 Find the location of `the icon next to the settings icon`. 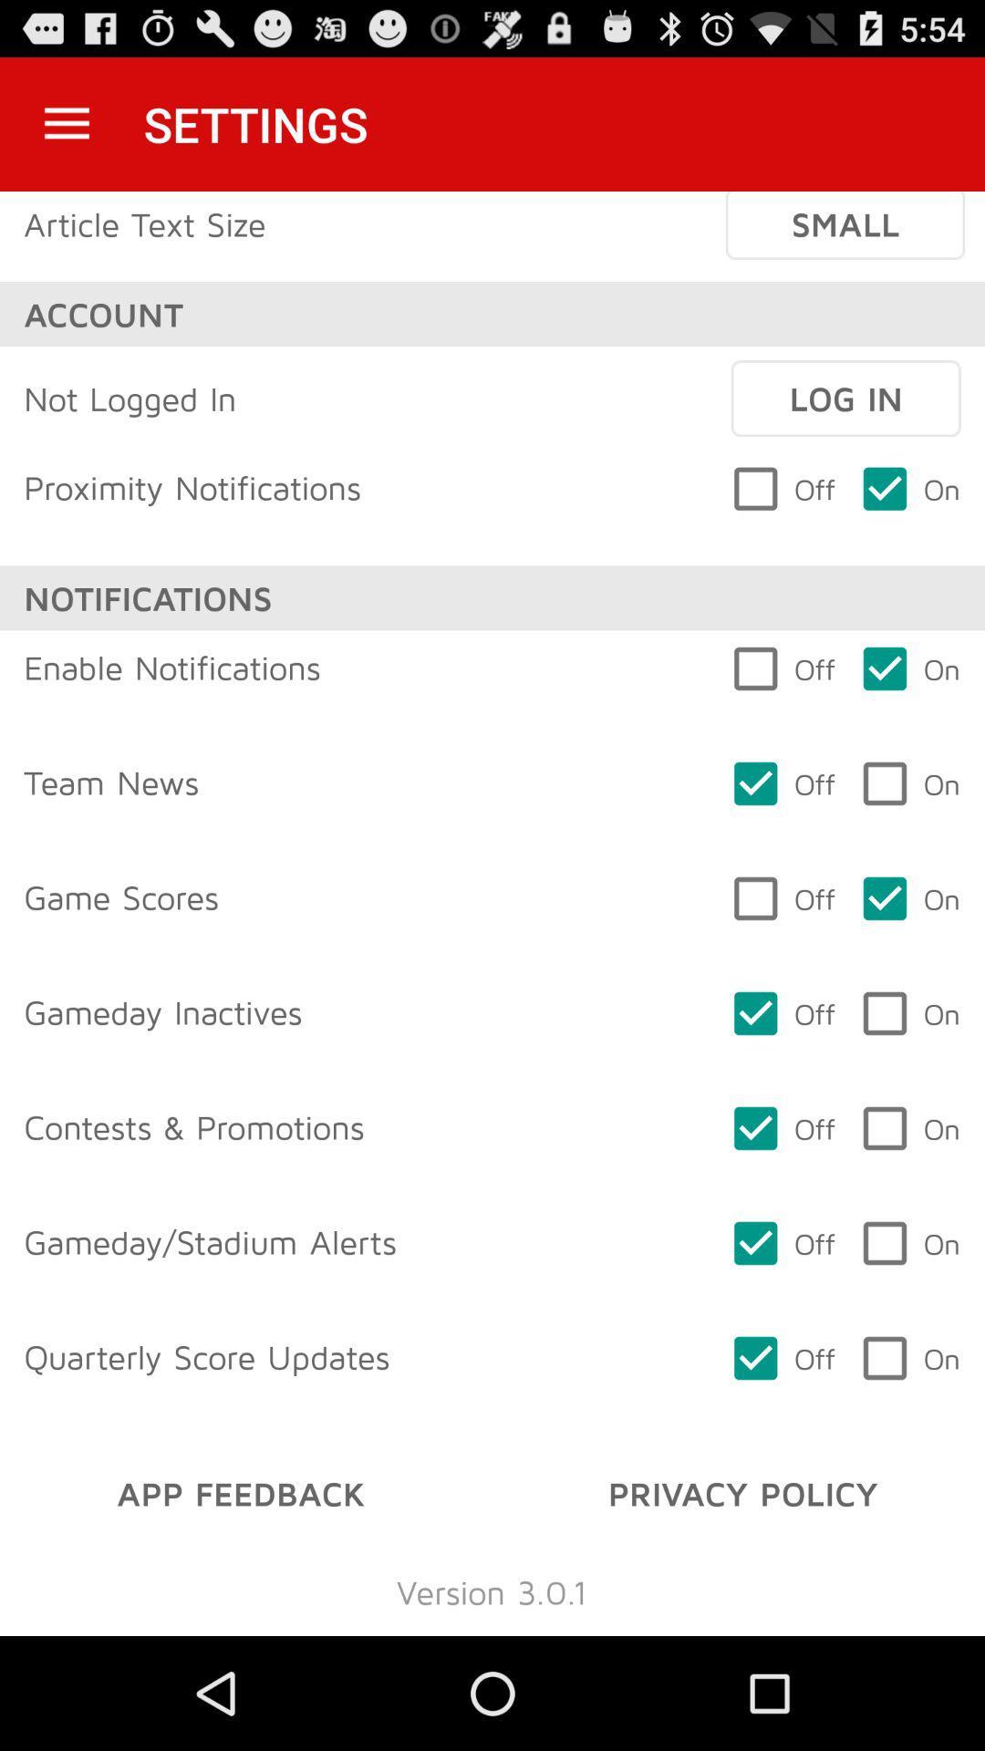

the icon next to the settings icon is located at coordinates (66, 123).